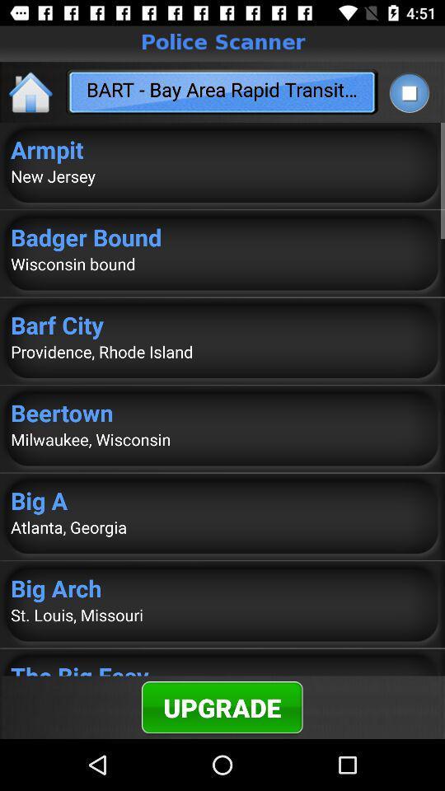  I want to click on home button, so click(31, 91).